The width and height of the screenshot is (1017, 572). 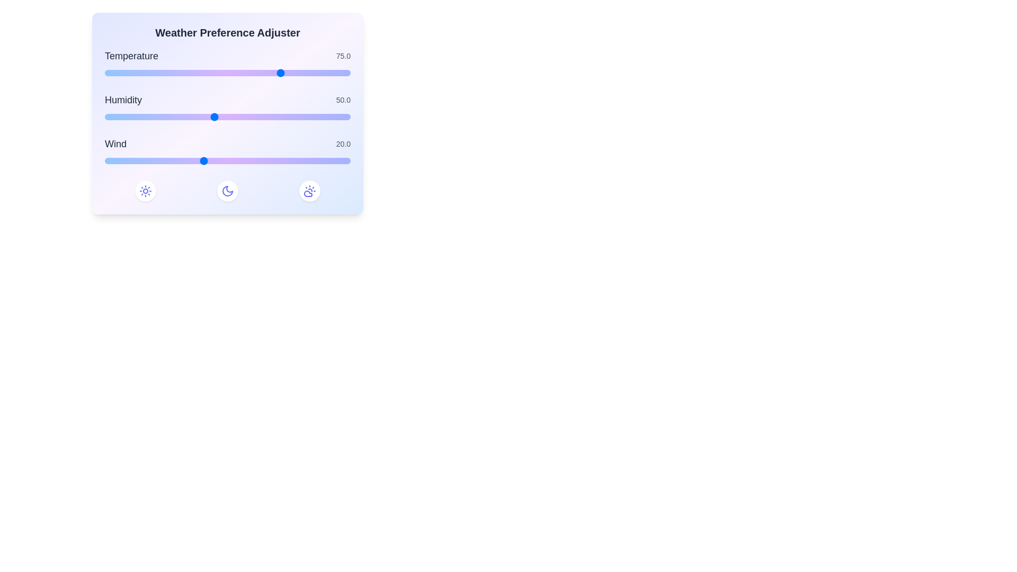 I want to click on the sliders within the Card with interactive sliders that allows users to adjust weather preferences, so click(x=227, y=113).